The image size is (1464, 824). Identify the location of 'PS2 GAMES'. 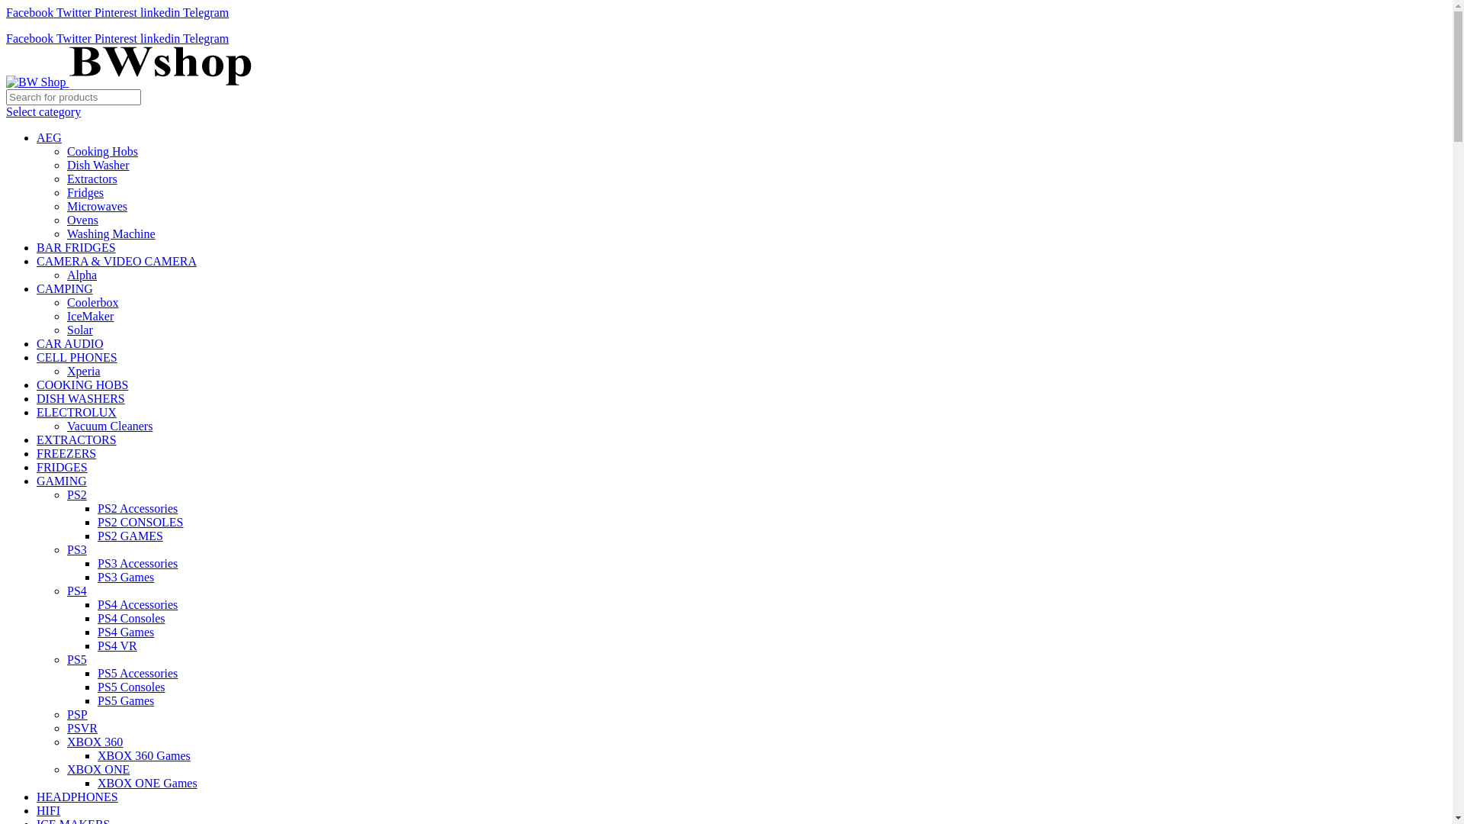
(97, 535).